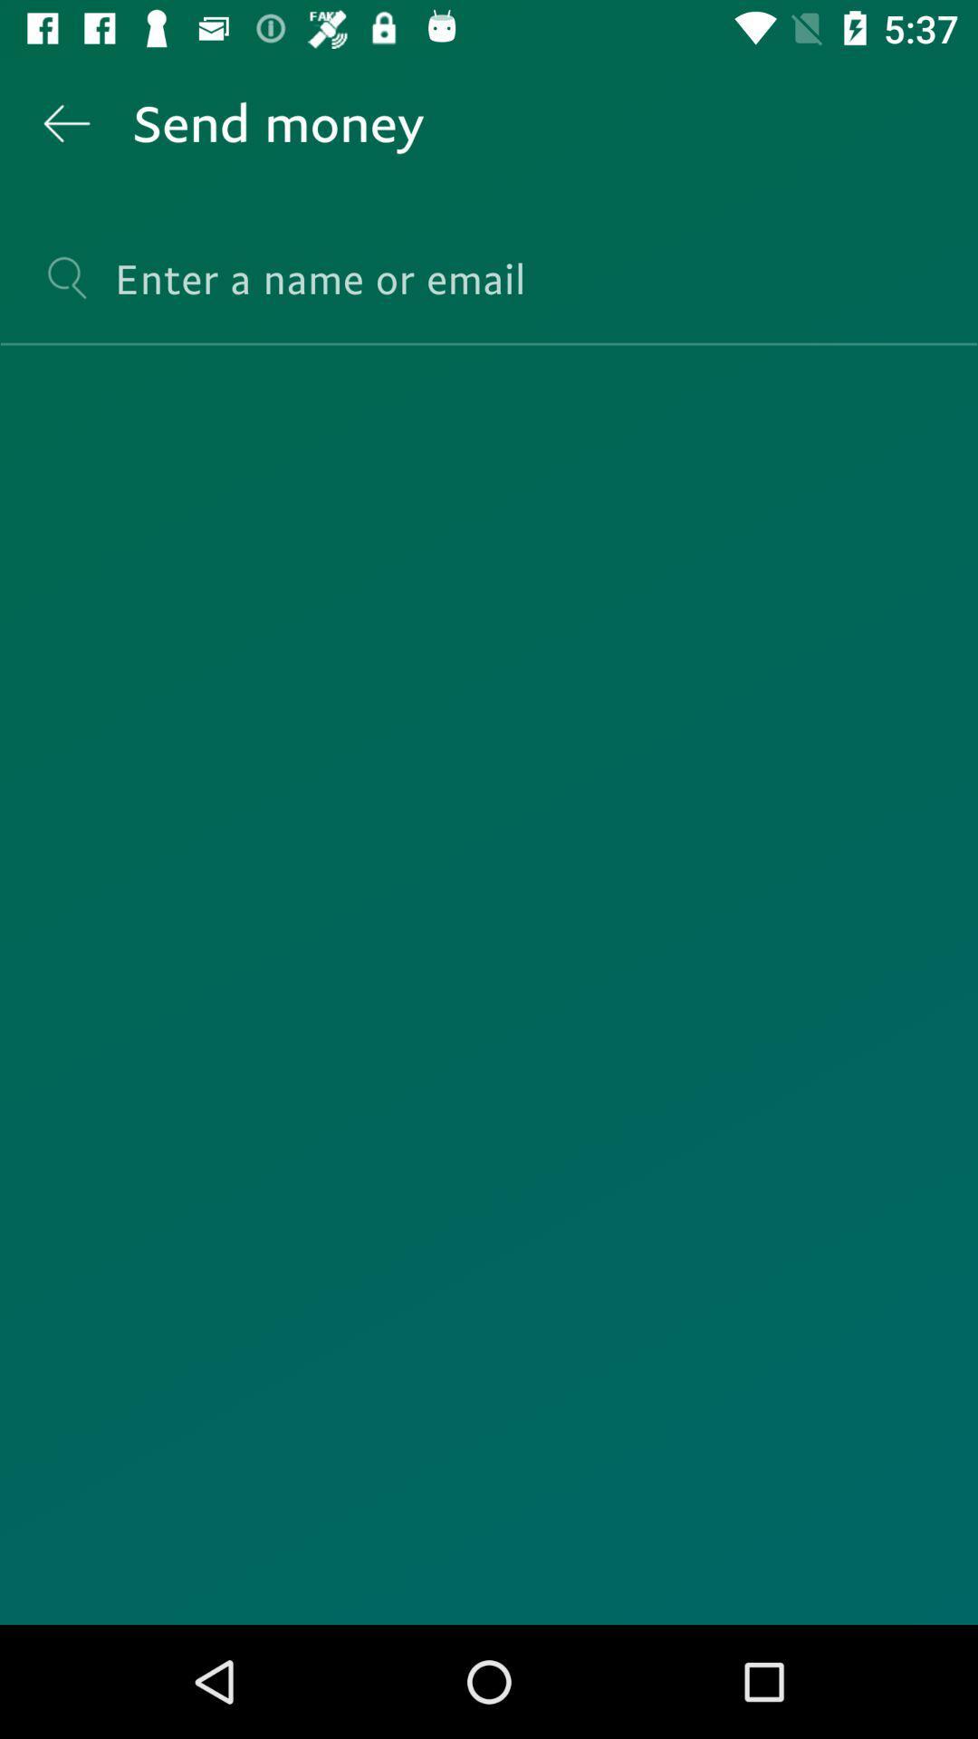 Image resolution: width=978 pixels, height=1739 pixels. What do you see at coordinates (65, 122) in the screenshot?
I see `icon to the left of send money icon` at bounding box center [65, 122].